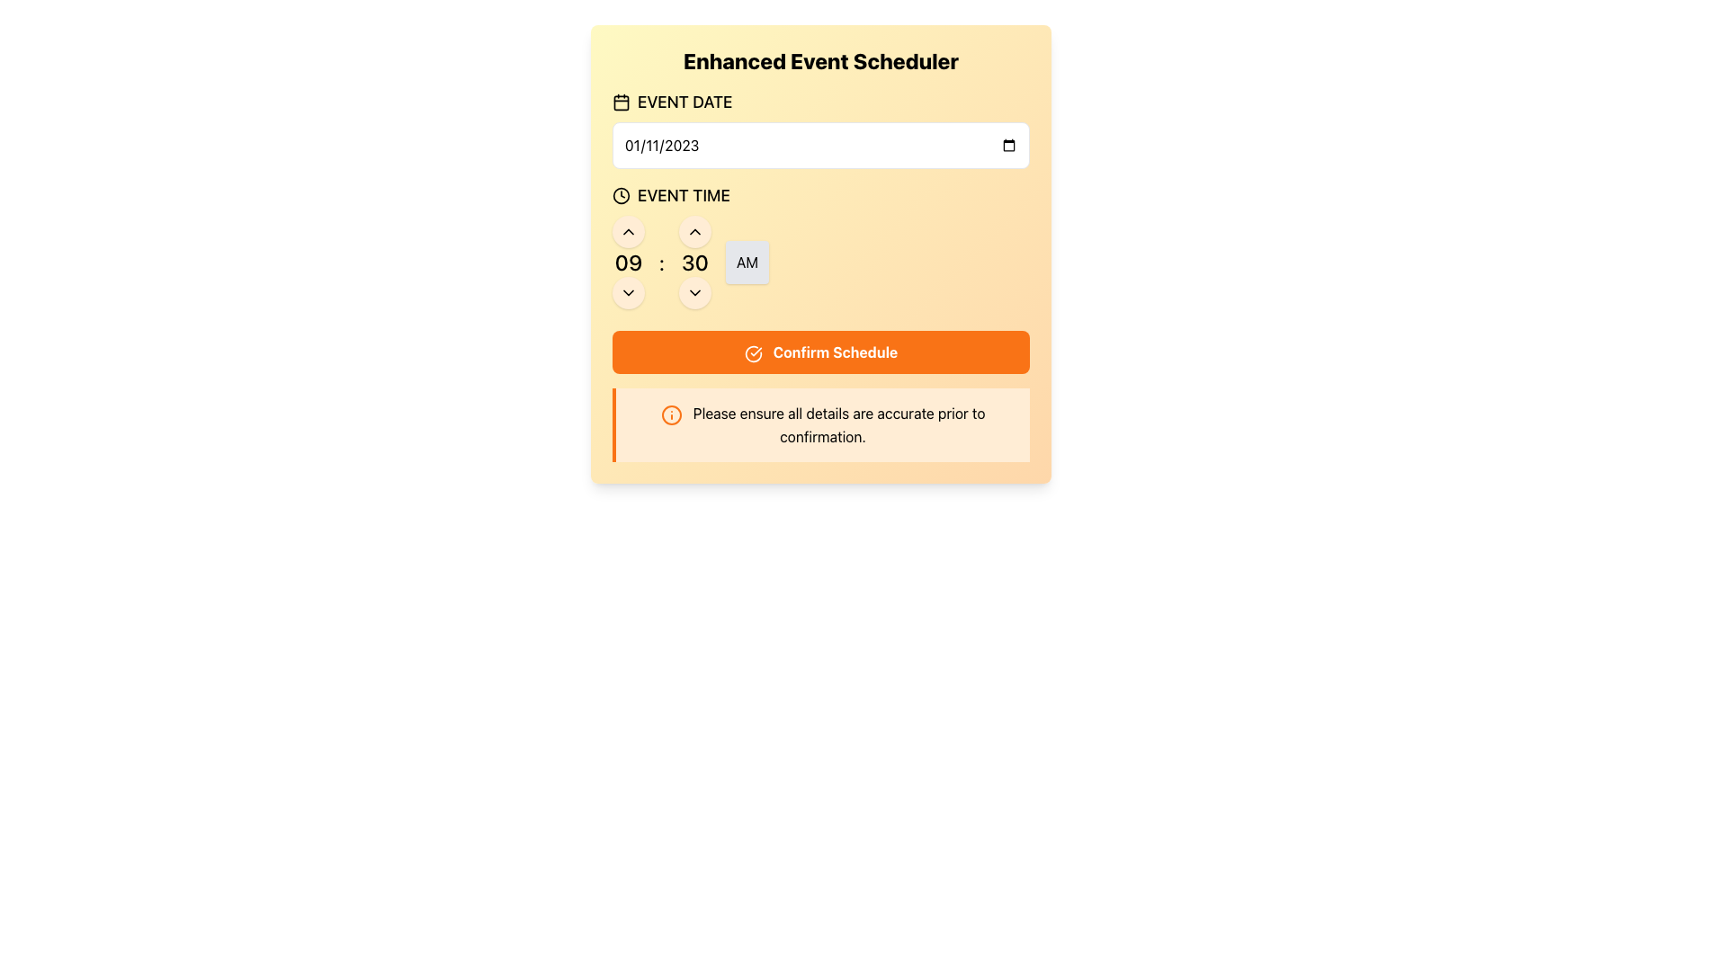  I want to click on the graphical icon that is part of the calendar icon, located to the left of the 'EVENT DATE' label, so click(622, 102).